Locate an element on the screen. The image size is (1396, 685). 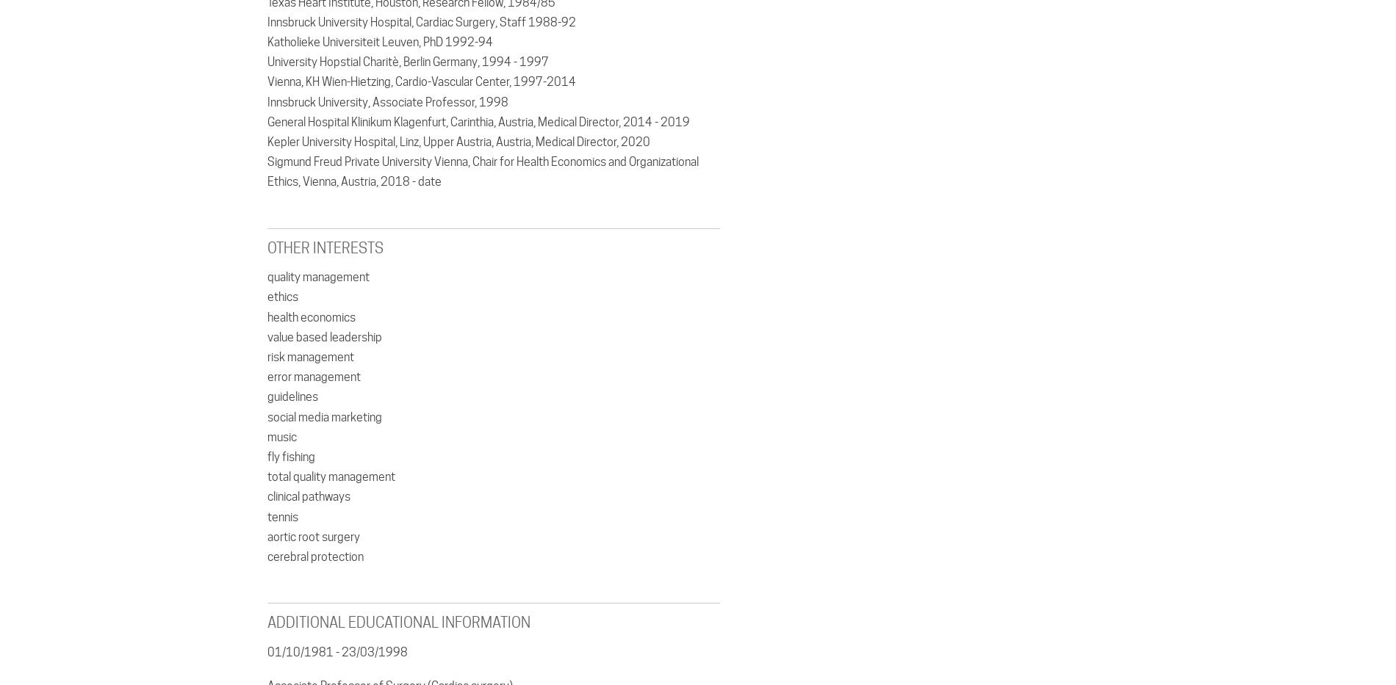
'health economics' is located at coordinates (311, 316).